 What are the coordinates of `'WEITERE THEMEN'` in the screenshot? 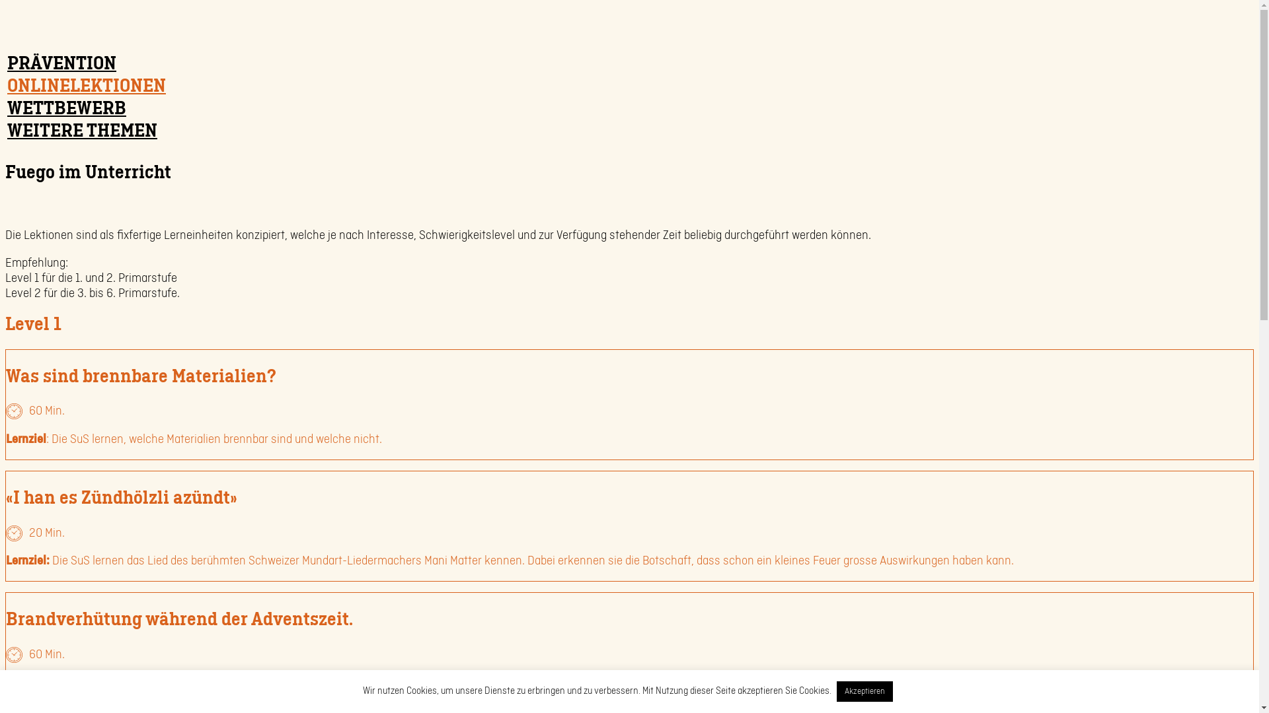 It's located at (5, 130).